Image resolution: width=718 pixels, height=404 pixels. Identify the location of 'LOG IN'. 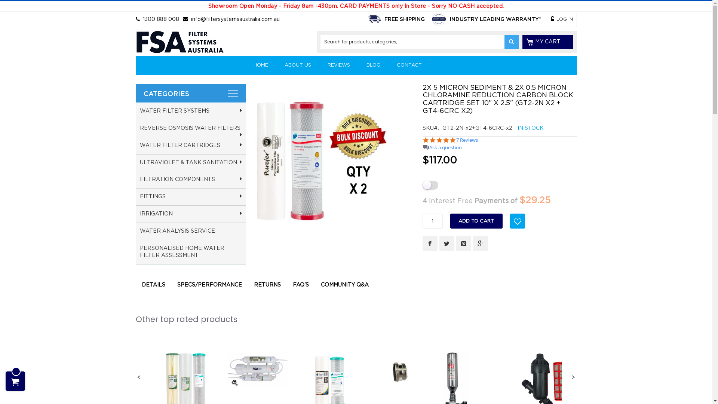
(562, 19).